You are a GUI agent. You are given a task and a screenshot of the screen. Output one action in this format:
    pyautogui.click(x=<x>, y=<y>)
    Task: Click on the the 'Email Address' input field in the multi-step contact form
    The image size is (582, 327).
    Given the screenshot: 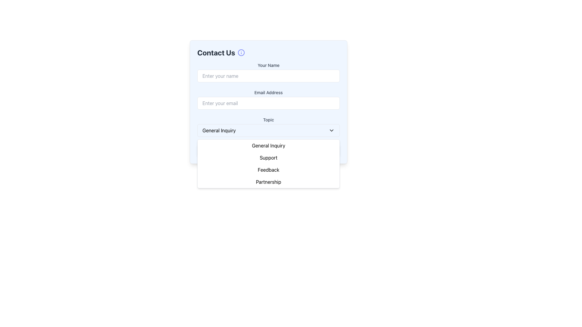 What is the action you would take?
    pyautogui.click(x=268, y=109)
    